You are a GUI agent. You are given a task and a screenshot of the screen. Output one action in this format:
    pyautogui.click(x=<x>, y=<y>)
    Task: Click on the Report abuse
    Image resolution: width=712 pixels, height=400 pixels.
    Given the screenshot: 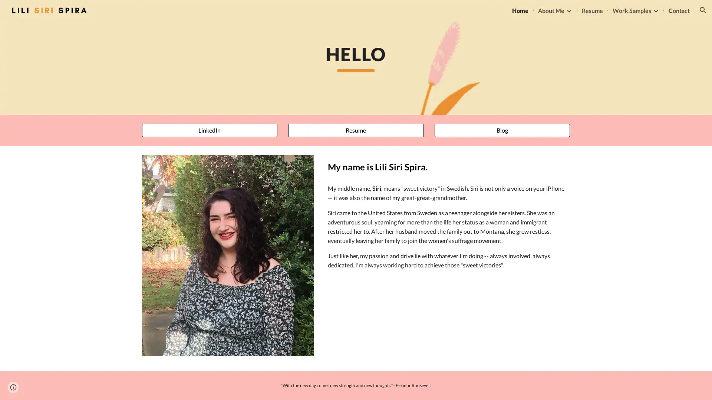 What is the action you would take?
    pyautogui.click(x=68, y=387)
    